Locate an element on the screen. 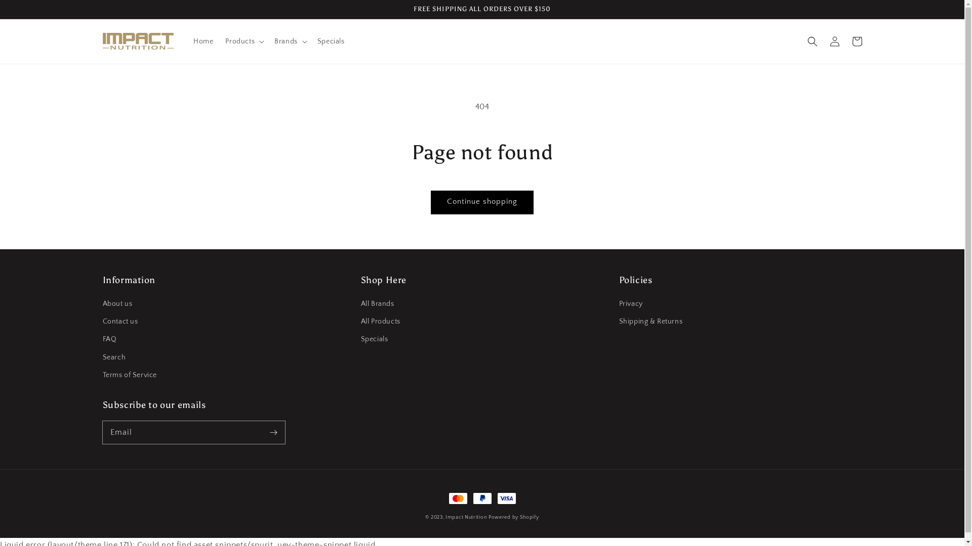 This screenshot has width=972, height=546. 'Shipping & Returns' is located at coordinates (651, 322).